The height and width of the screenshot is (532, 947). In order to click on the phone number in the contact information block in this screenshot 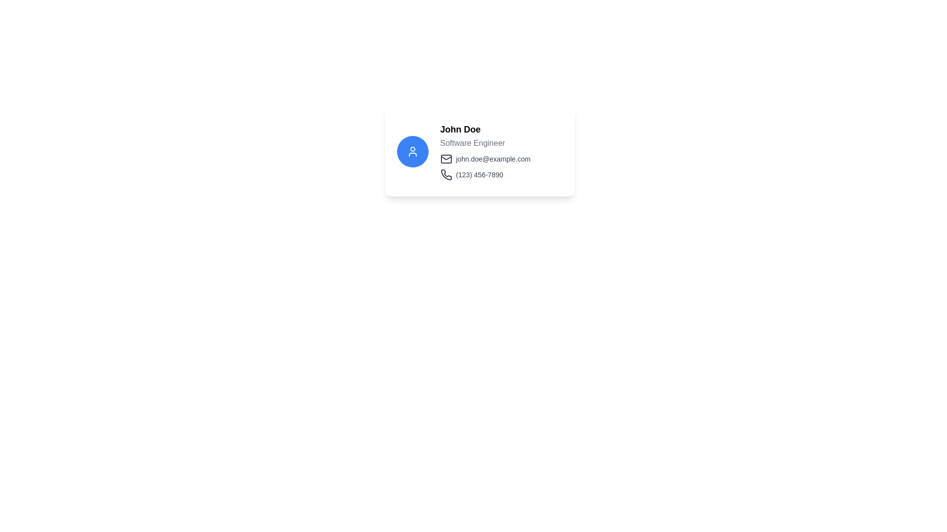, I will do `click(485, 166)`.